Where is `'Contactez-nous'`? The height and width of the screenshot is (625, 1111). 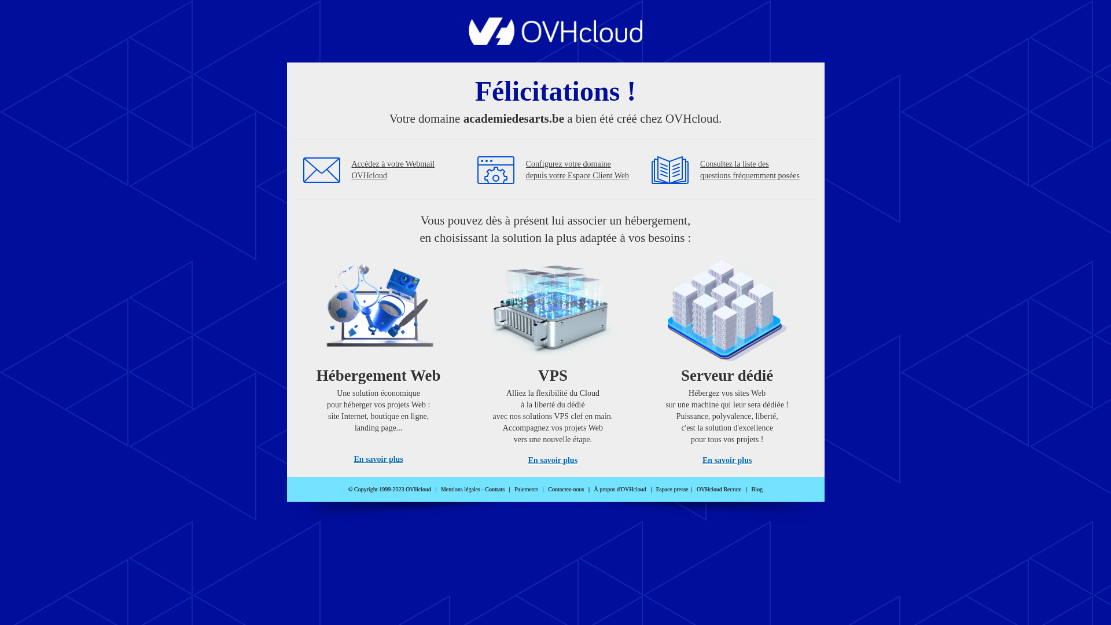
'Contactez-nous' is located at coordinates (547, 489).